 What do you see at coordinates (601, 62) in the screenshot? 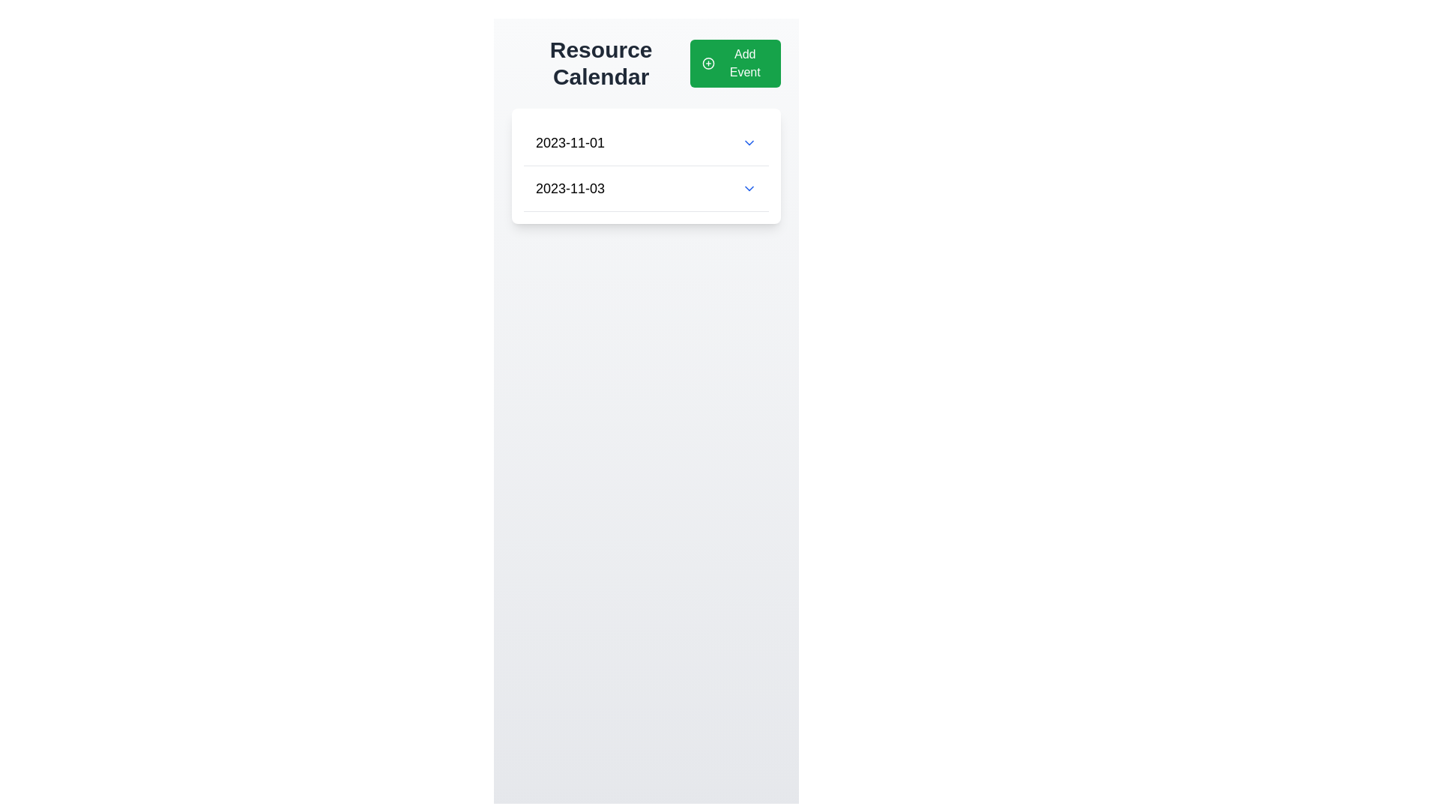
I see `the 'Resource Calendar' text element, which is styled in bold and large dark gray font, located in the top-left section of the layout above the date entries and to the left of the 'Add Event' button` at bounding box center [601, 62].